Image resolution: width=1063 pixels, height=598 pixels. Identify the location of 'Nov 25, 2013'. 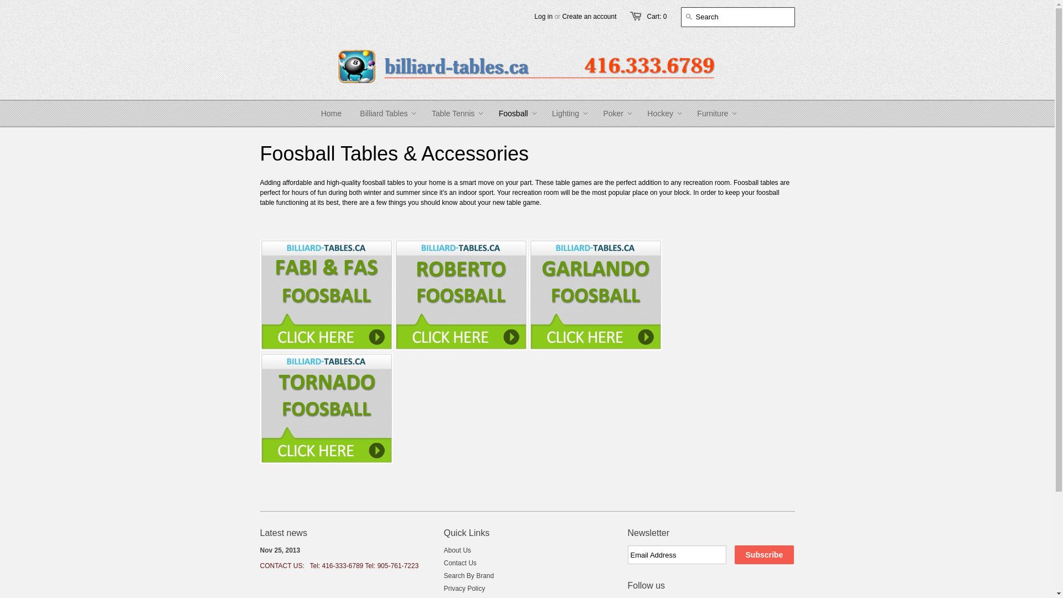
(280, 550).